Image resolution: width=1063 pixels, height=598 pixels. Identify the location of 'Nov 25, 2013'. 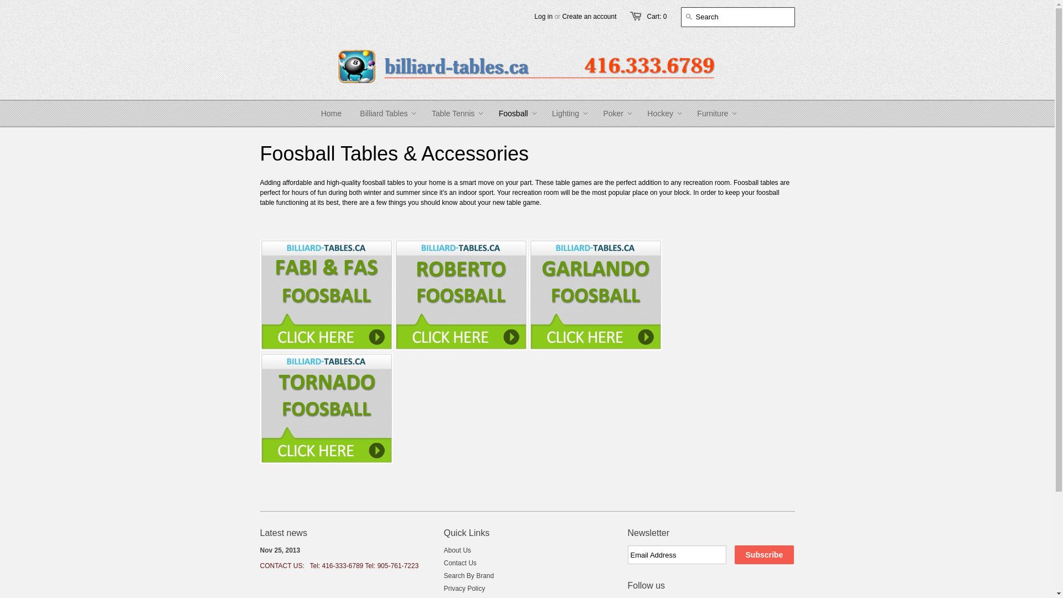
(280, 550).